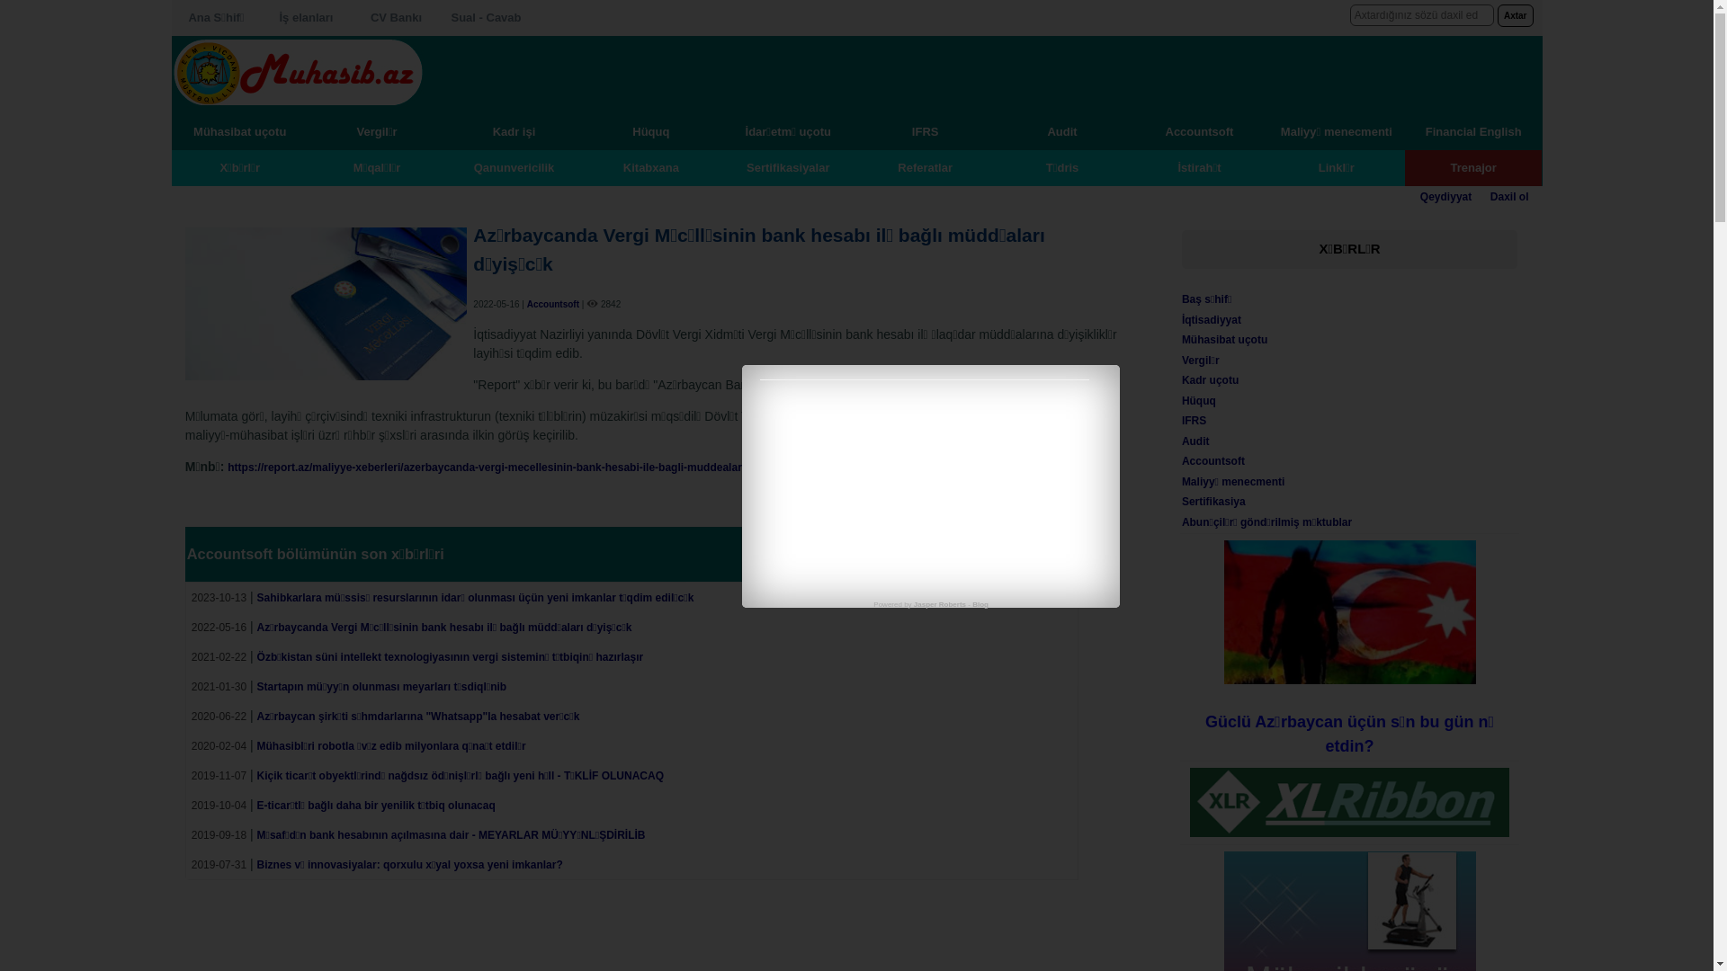 The height and width of the screenshot is (971, 1727). I want to click on 'Accountsoft', so click(525, 303).